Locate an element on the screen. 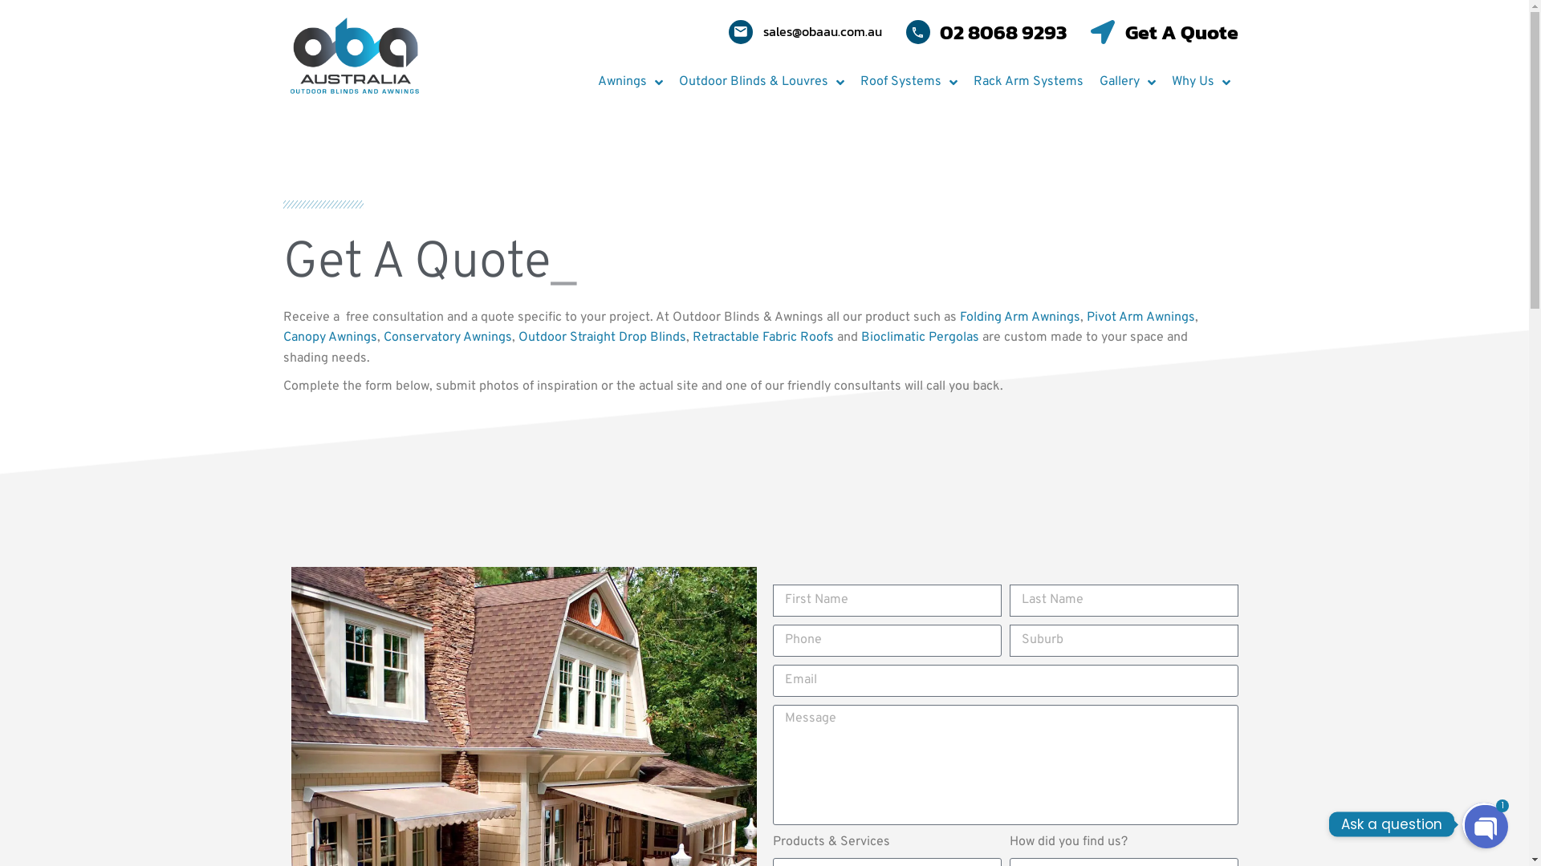 This screenshot has height=866, width=1541. 'Roof Systems' is located at coordinates (909, 83).